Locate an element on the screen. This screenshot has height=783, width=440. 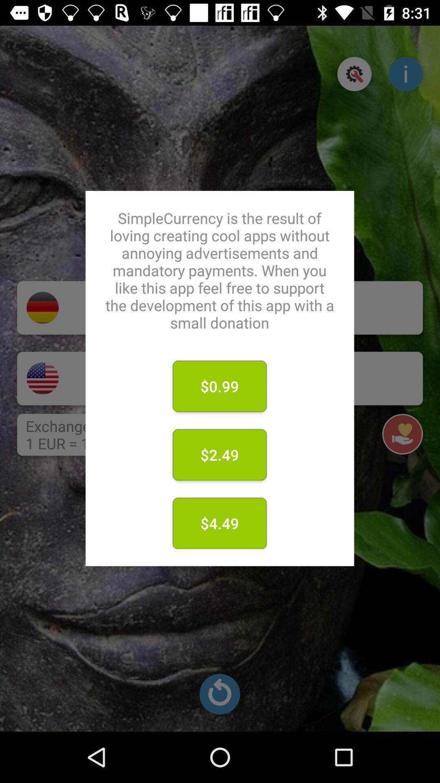
click button is located at coordinates (354, 74).